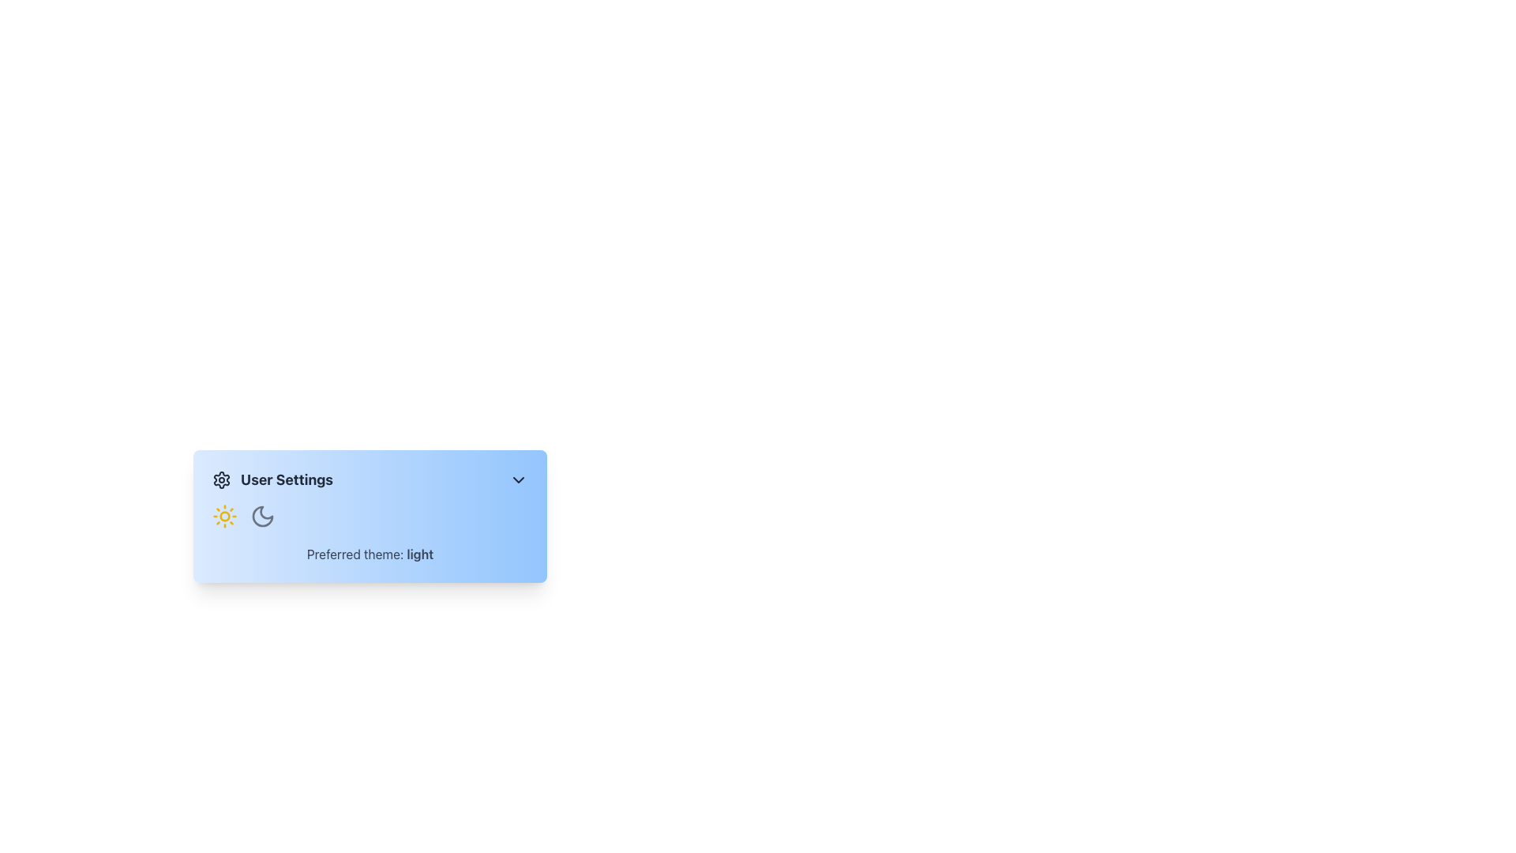 Image resolution: width=1516 pixels, height=853 pixels. I want to click on the crescent moon icon in the settings panel, so click(262, 517).